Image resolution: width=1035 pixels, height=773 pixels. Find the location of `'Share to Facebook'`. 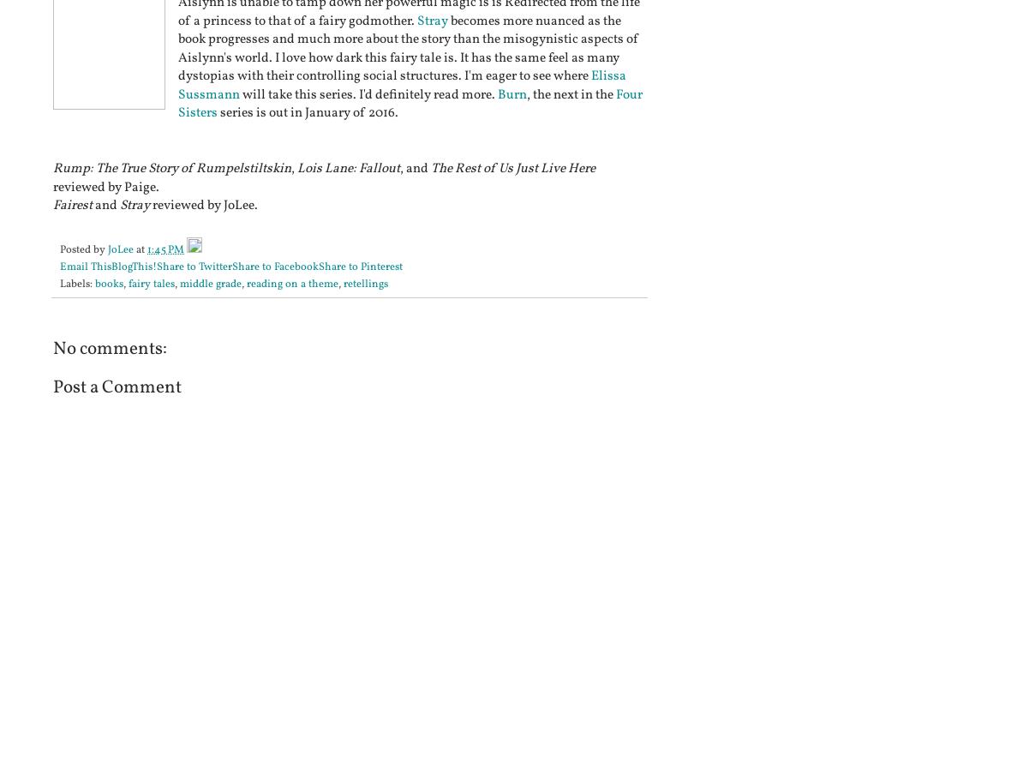

'Share to Facebook' is located at coordinates (274, 266).